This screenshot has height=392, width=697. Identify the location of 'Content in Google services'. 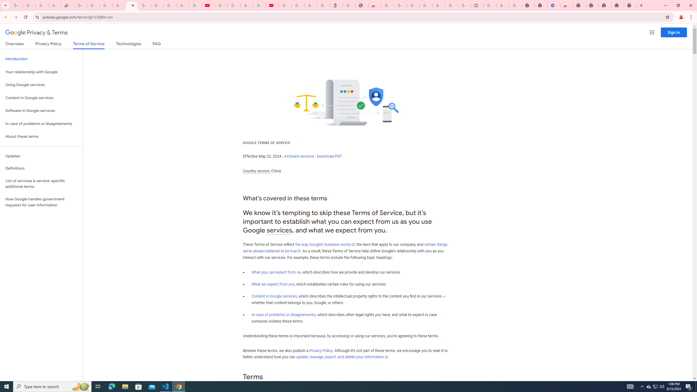
(274, 296).